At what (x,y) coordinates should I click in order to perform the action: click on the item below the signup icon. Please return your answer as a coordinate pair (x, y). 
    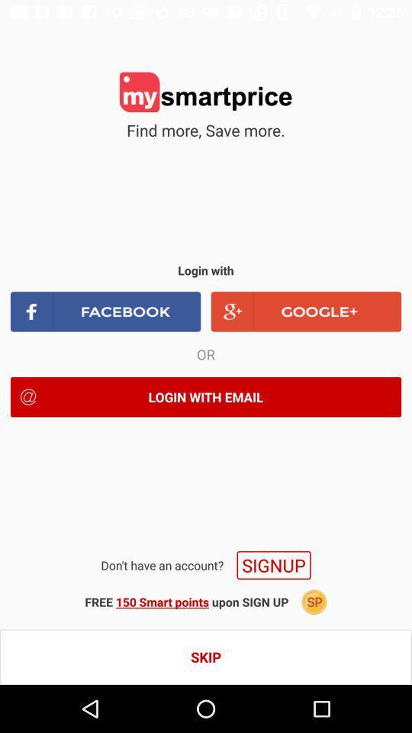
    Looking at the image, I should click on (314, 602).